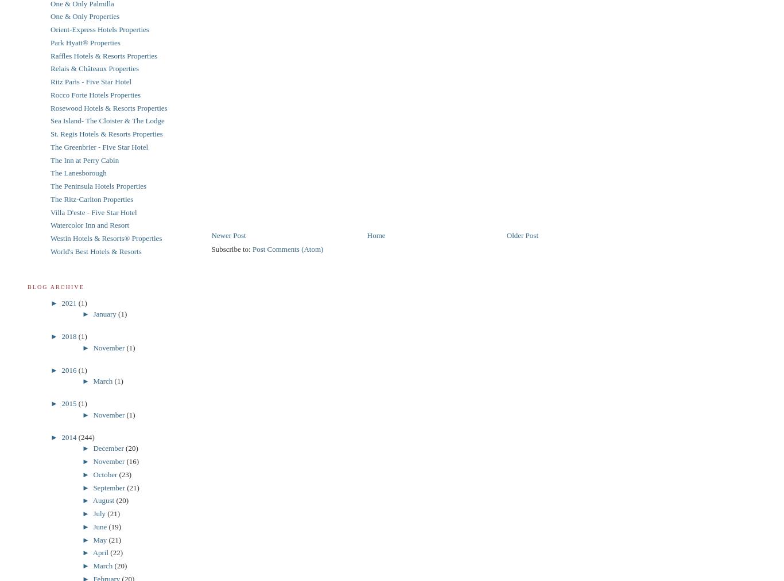 The height and width of the screenshot is (581, 784). What do you see at coordinates (125, 473) in the screenshot?
I see `'(23)'` at bounding box center [125, 473].